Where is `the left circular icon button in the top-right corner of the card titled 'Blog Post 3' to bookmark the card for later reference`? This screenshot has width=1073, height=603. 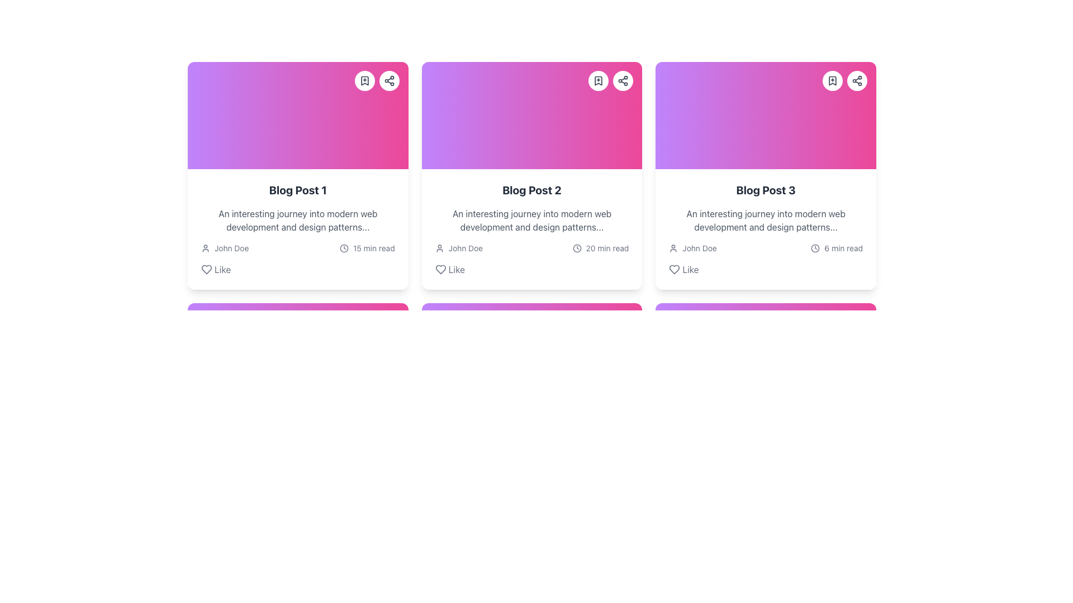
the left circular icon button in the top-right corner of the card titled 'Blog Post 3' to bookmark the card for later reference is located at coordinates (845, 80).